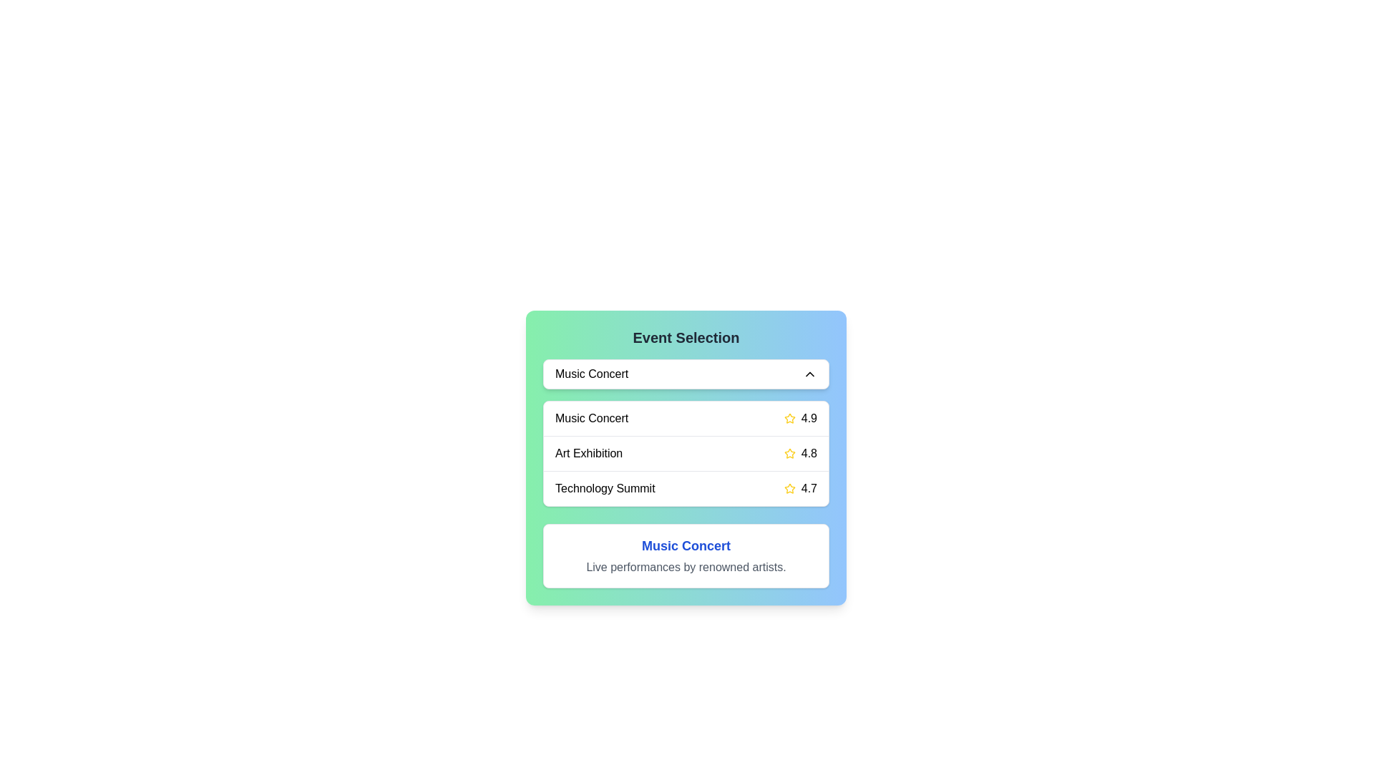 Image resolution: width=1374 pixels, height=773 pixels. I want to click on on the selectable list item displaying 'Technology Summit' with a score of '4.7', so click(686, 487).